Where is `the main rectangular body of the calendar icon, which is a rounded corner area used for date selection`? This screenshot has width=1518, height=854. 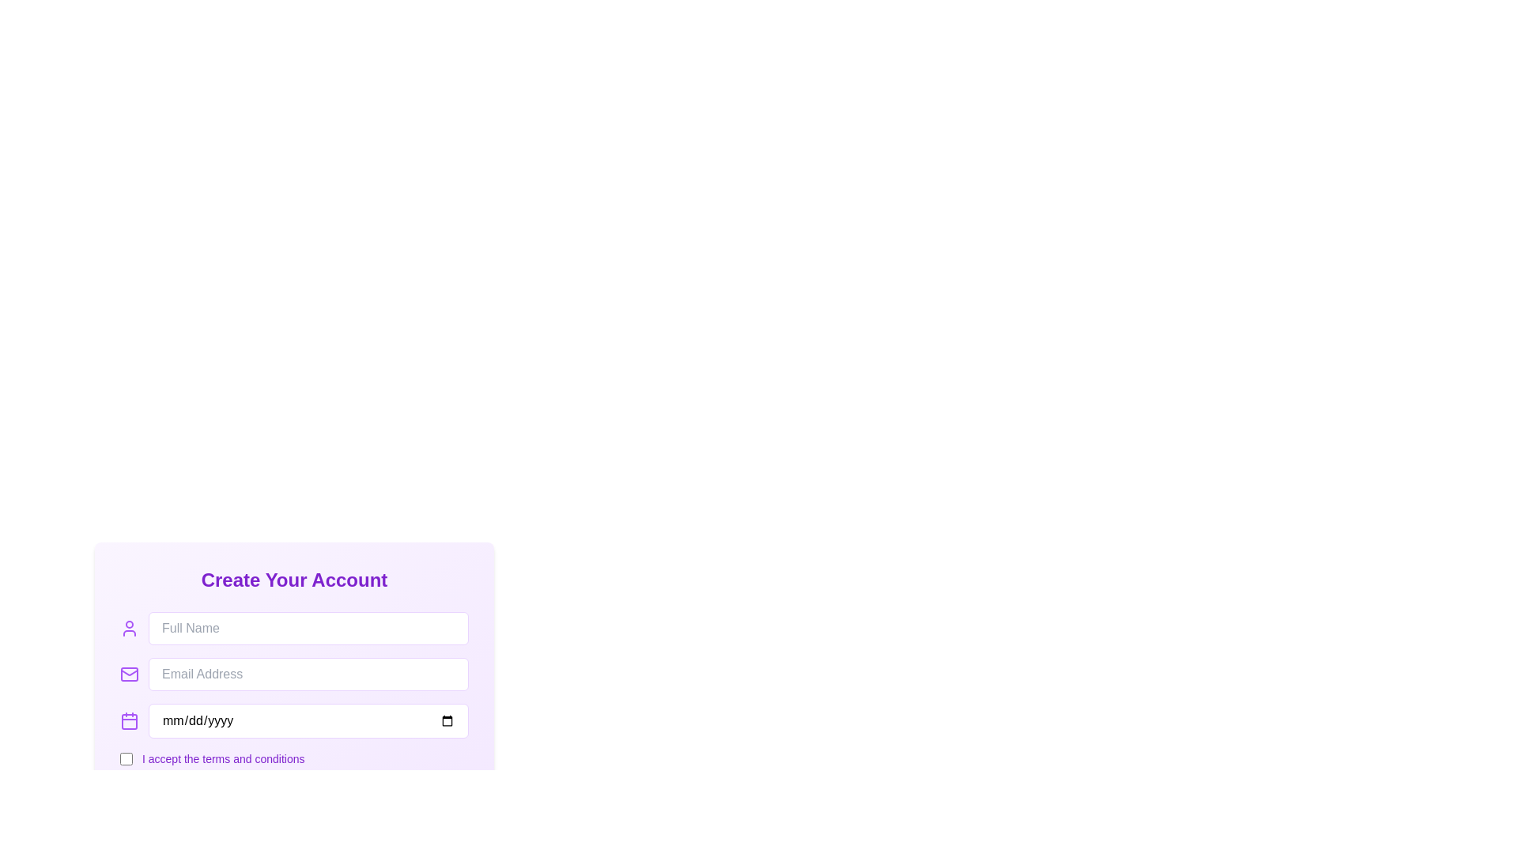 the main rectangular body of the calendar icon, which is a rounded corner area used for date selection is located at coordinates (129, 722).